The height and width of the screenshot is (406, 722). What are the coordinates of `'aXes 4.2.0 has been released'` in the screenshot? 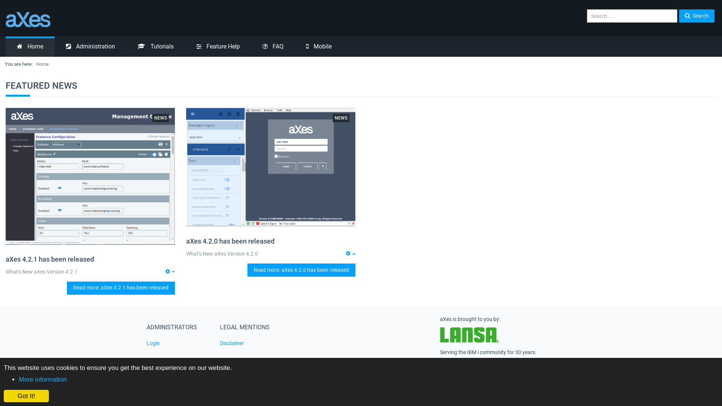 It's located at (230, 241).